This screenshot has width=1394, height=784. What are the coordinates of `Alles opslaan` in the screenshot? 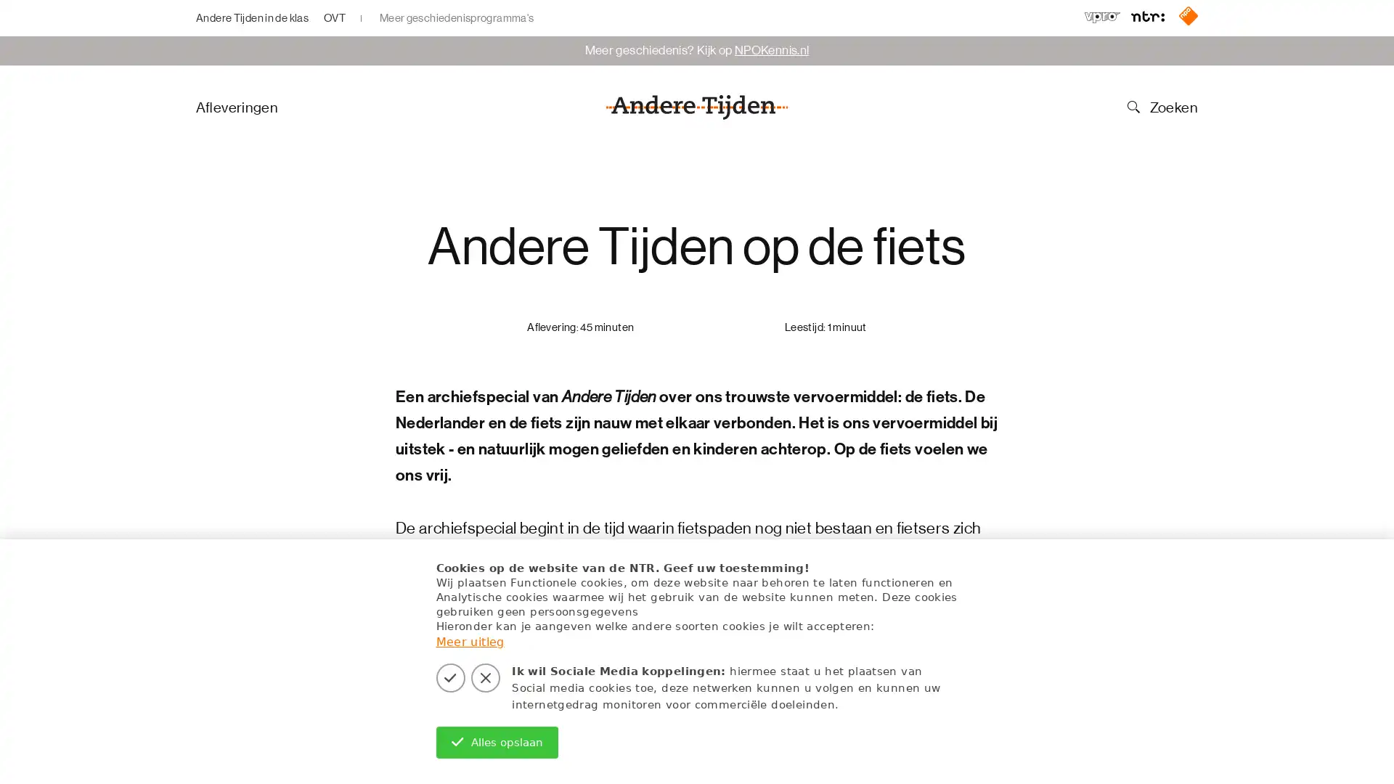 It's located at (497, 742).